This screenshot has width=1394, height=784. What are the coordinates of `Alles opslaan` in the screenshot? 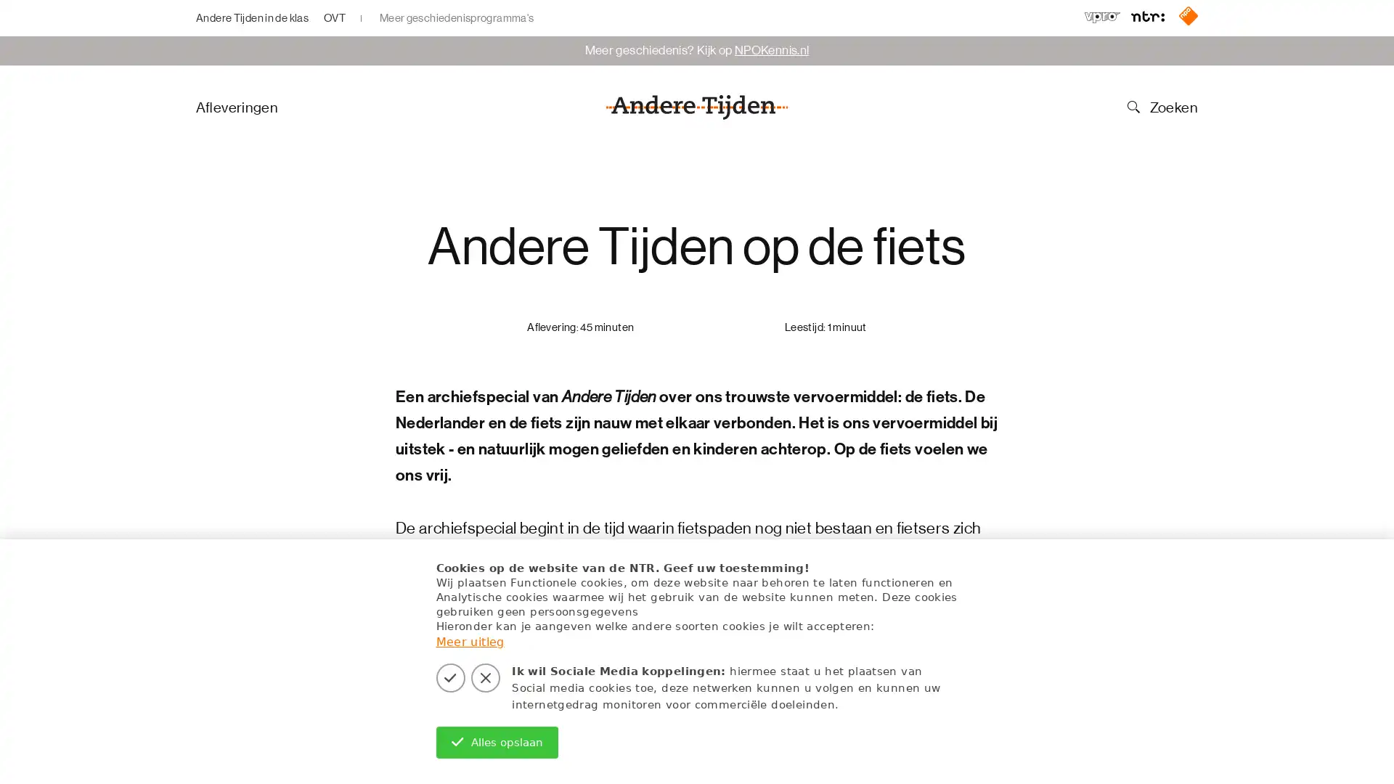 It's located at (497, 742).